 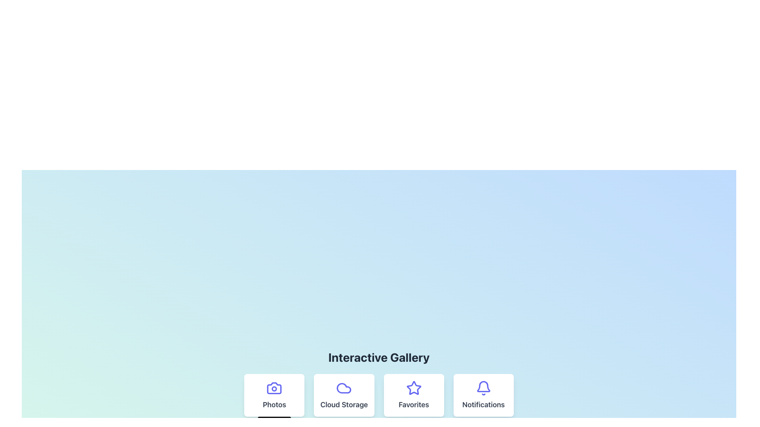 I want to click on the tile containing the 'Photos' label, so click(x=274, y=404).